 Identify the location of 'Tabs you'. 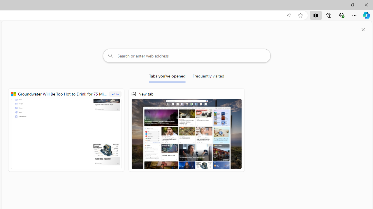
(167, 77).